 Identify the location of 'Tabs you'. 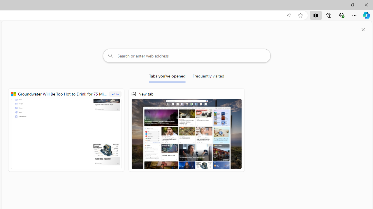
(167, 77).